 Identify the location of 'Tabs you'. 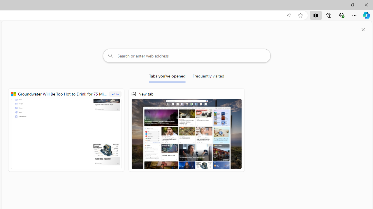
(167, 77).